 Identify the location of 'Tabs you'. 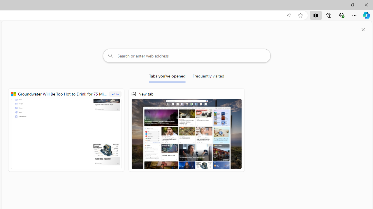
(167, 77).